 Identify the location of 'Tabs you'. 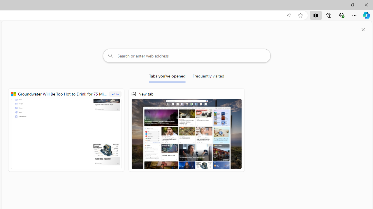
(167, 77).